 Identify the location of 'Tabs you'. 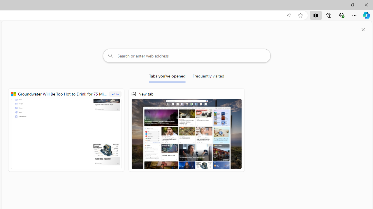
(167, 77).